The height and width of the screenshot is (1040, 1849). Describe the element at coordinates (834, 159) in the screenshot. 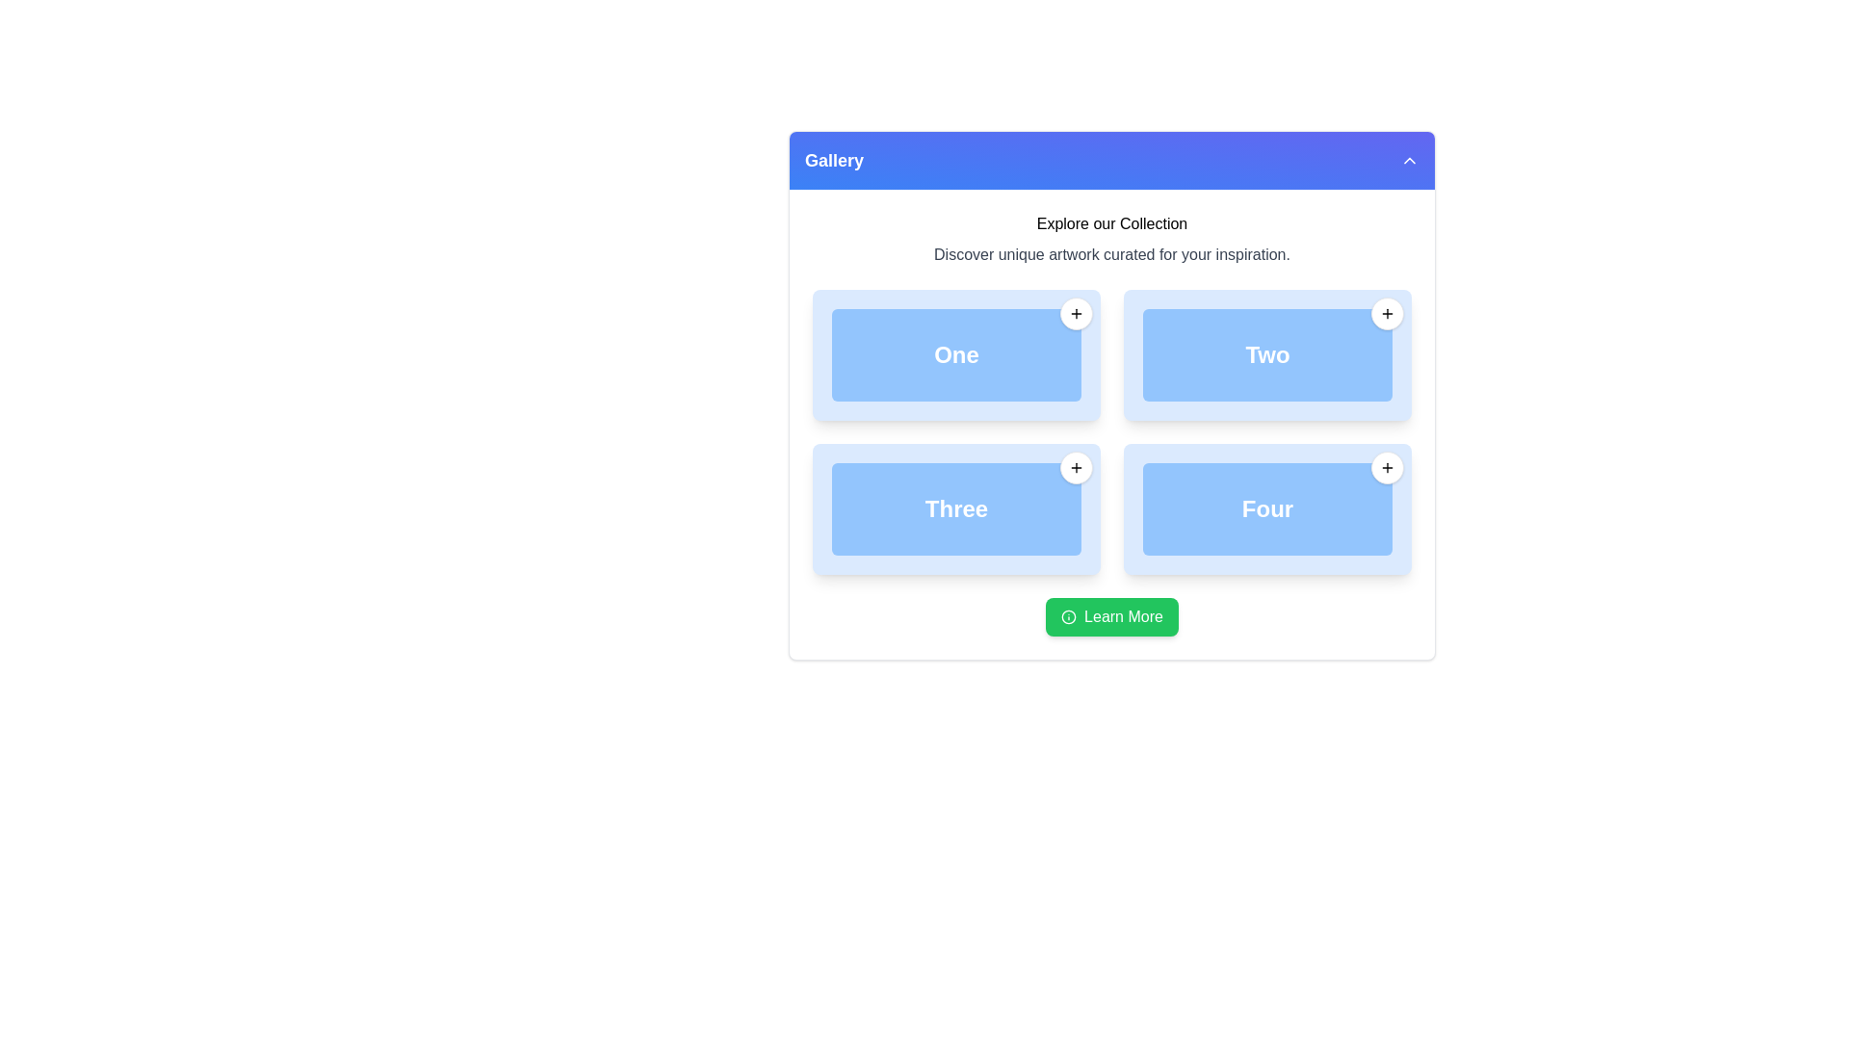

I see `the 'Gallery' text label, which is displayed in a bold, large font on a blue to indigo gradient header bar` at that location.